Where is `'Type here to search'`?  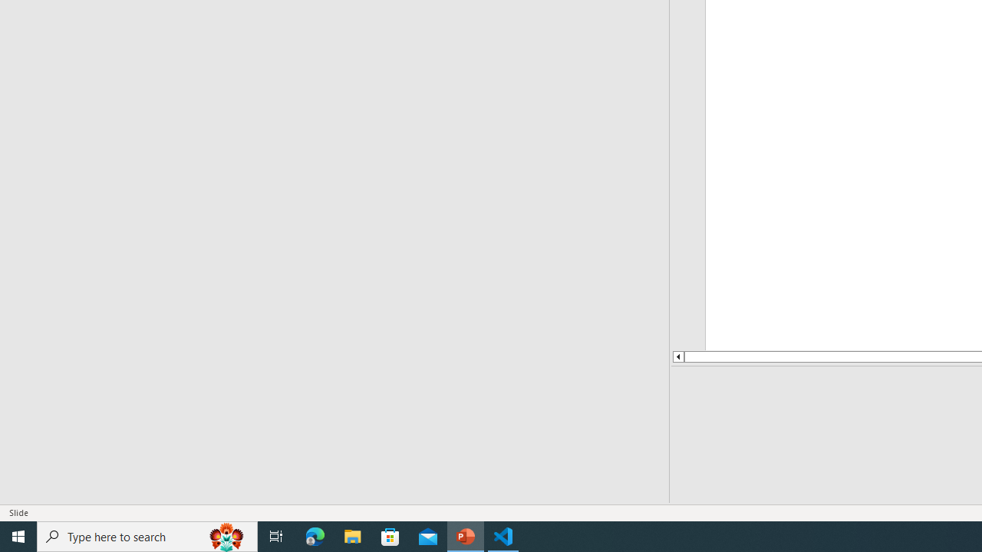 'Type here to search' is located at coordinates (147, 535).